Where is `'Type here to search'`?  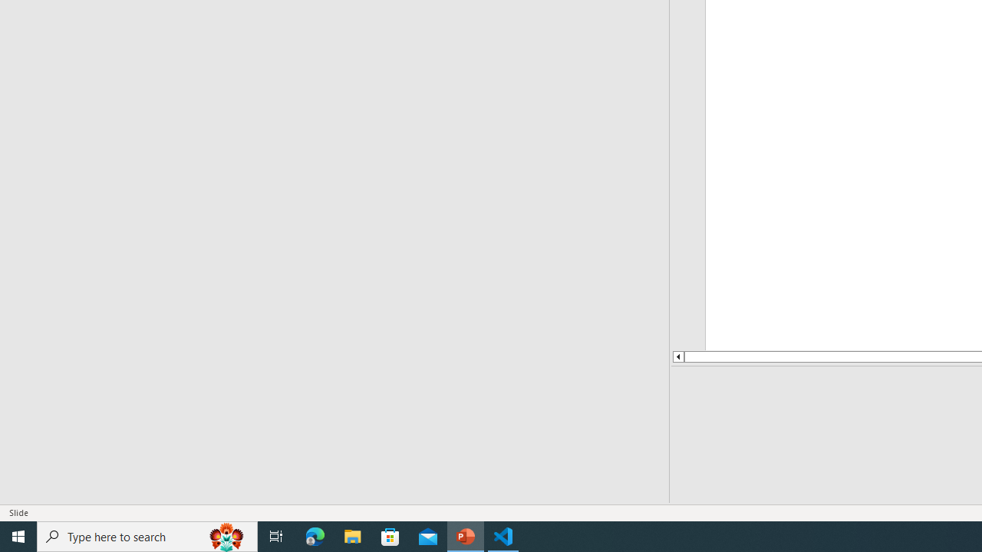 'Type here to search' is located at coordinates (147, 535).